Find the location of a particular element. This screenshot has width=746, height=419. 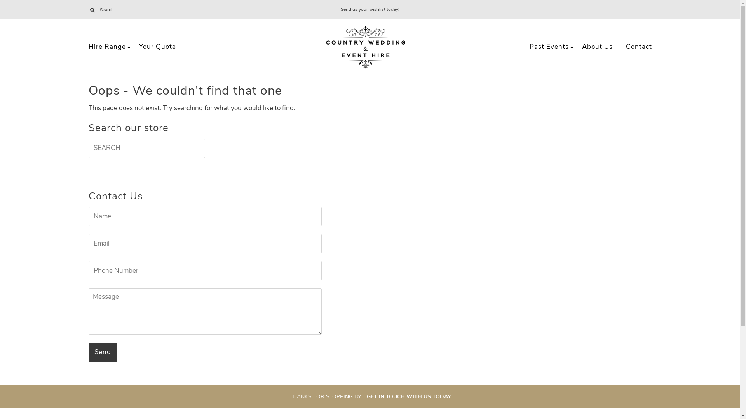

'Contact' is located at coordinates (639, 47).